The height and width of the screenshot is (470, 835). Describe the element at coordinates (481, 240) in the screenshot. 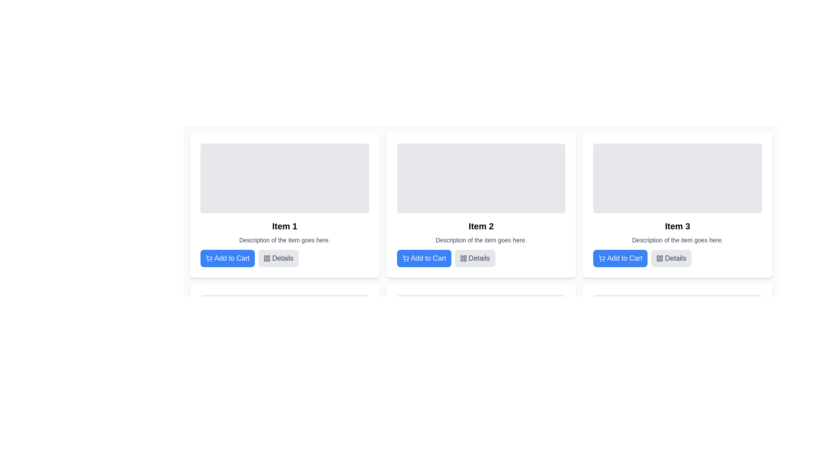

I see `descriptive text styled in a small gray font that reads 'Description of the item goes here.' located beneath the title 'Item 2' and above the action buttons` at that location.